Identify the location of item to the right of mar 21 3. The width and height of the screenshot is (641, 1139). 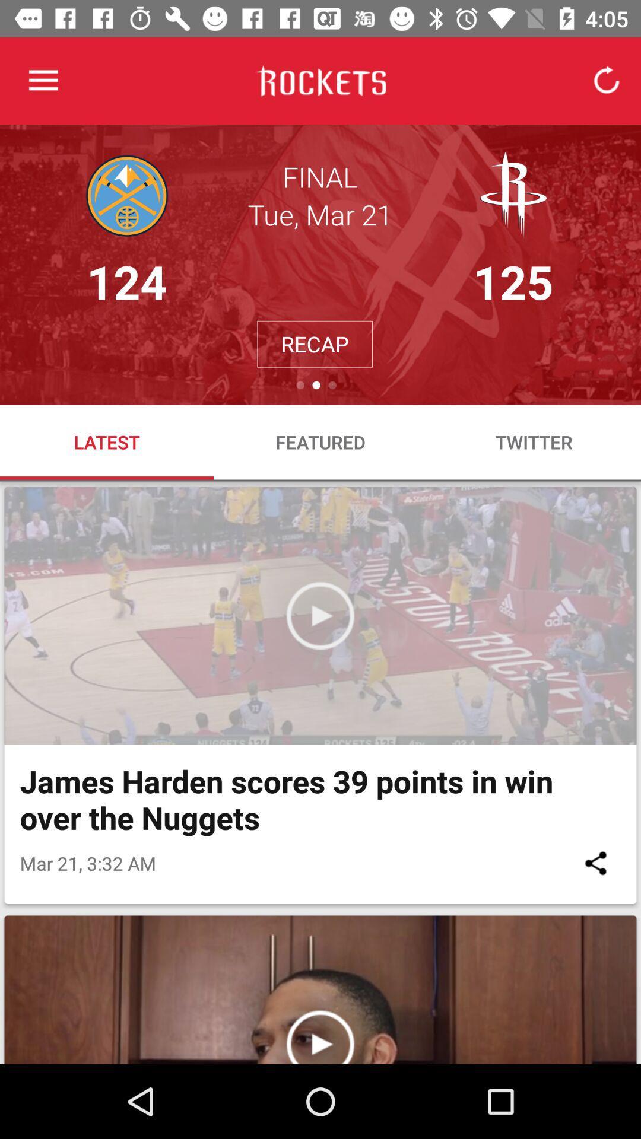
(595, 863).